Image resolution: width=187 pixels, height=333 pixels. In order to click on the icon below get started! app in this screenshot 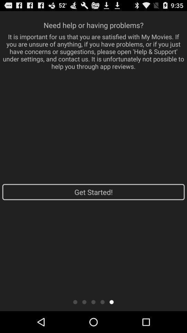, I will do `click(75, 301)`.